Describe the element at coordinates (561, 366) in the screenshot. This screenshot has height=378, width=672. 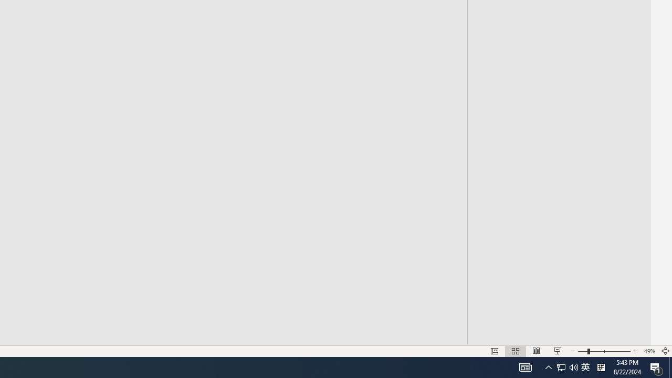
I see `'User Promoted Notification Area'` at that location.